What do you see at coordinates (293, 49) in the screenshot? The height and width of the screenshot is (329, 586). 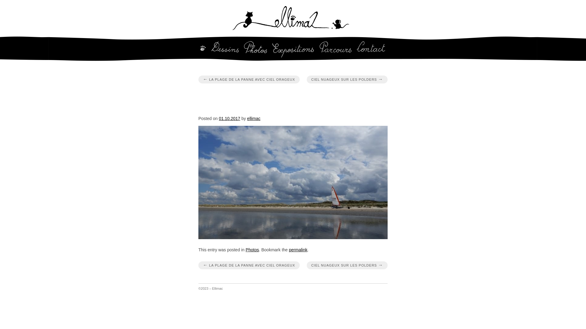 I see `'Expositions'` at bounding box center [293, 49].